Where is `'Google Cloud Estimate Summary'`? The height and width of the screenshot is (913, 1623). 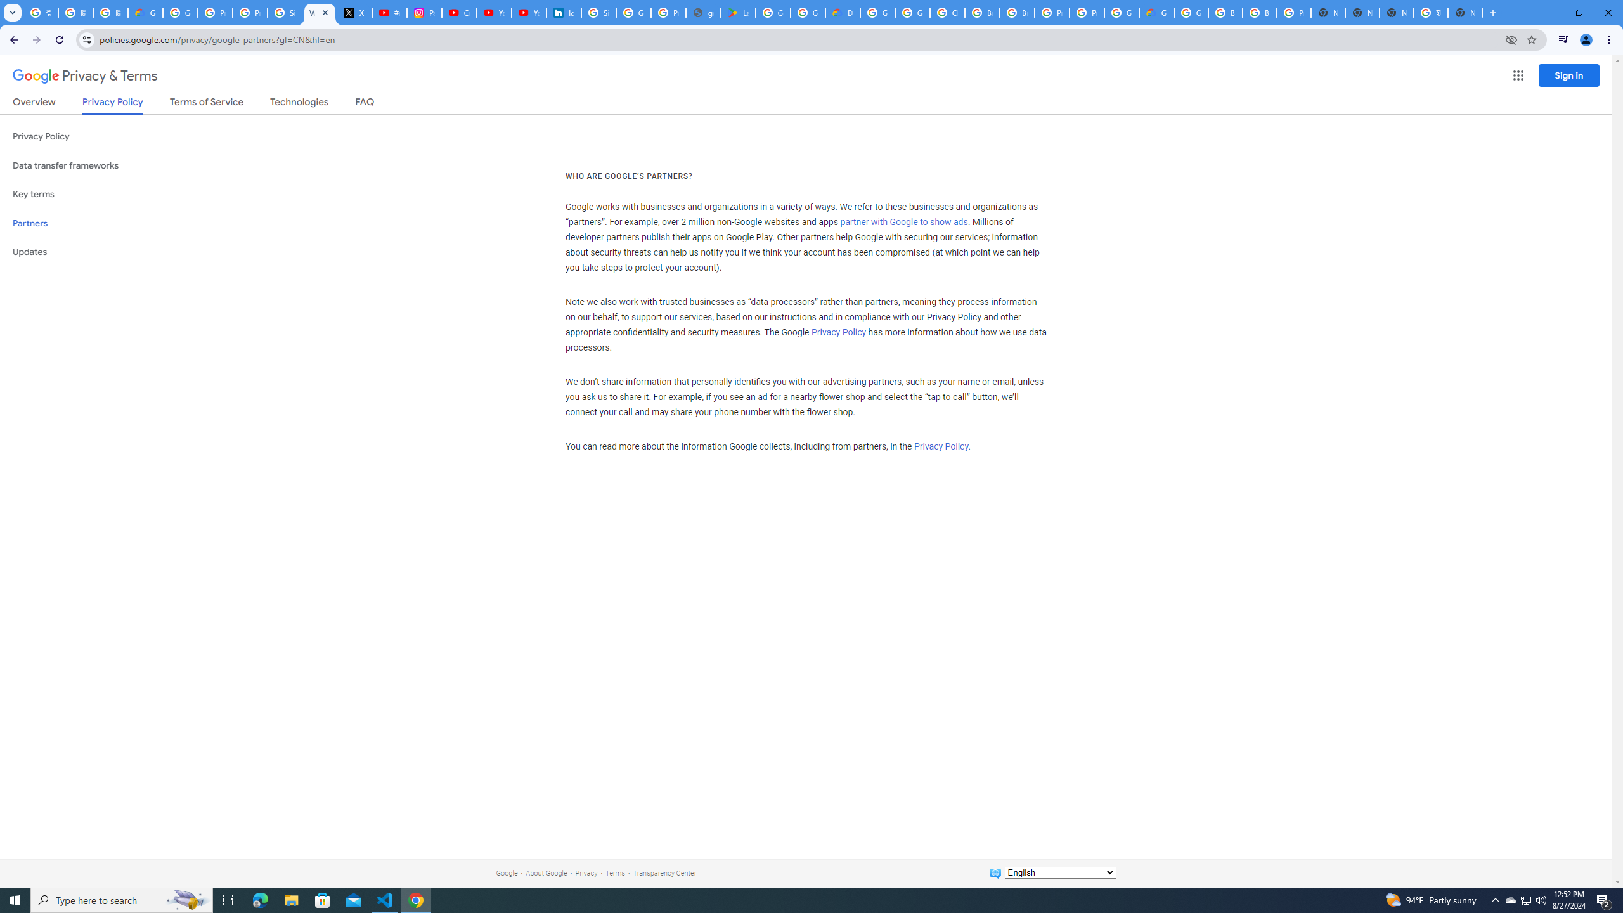
'Google Cloud Estimate Summary' is located at coordinates (1156, 12).